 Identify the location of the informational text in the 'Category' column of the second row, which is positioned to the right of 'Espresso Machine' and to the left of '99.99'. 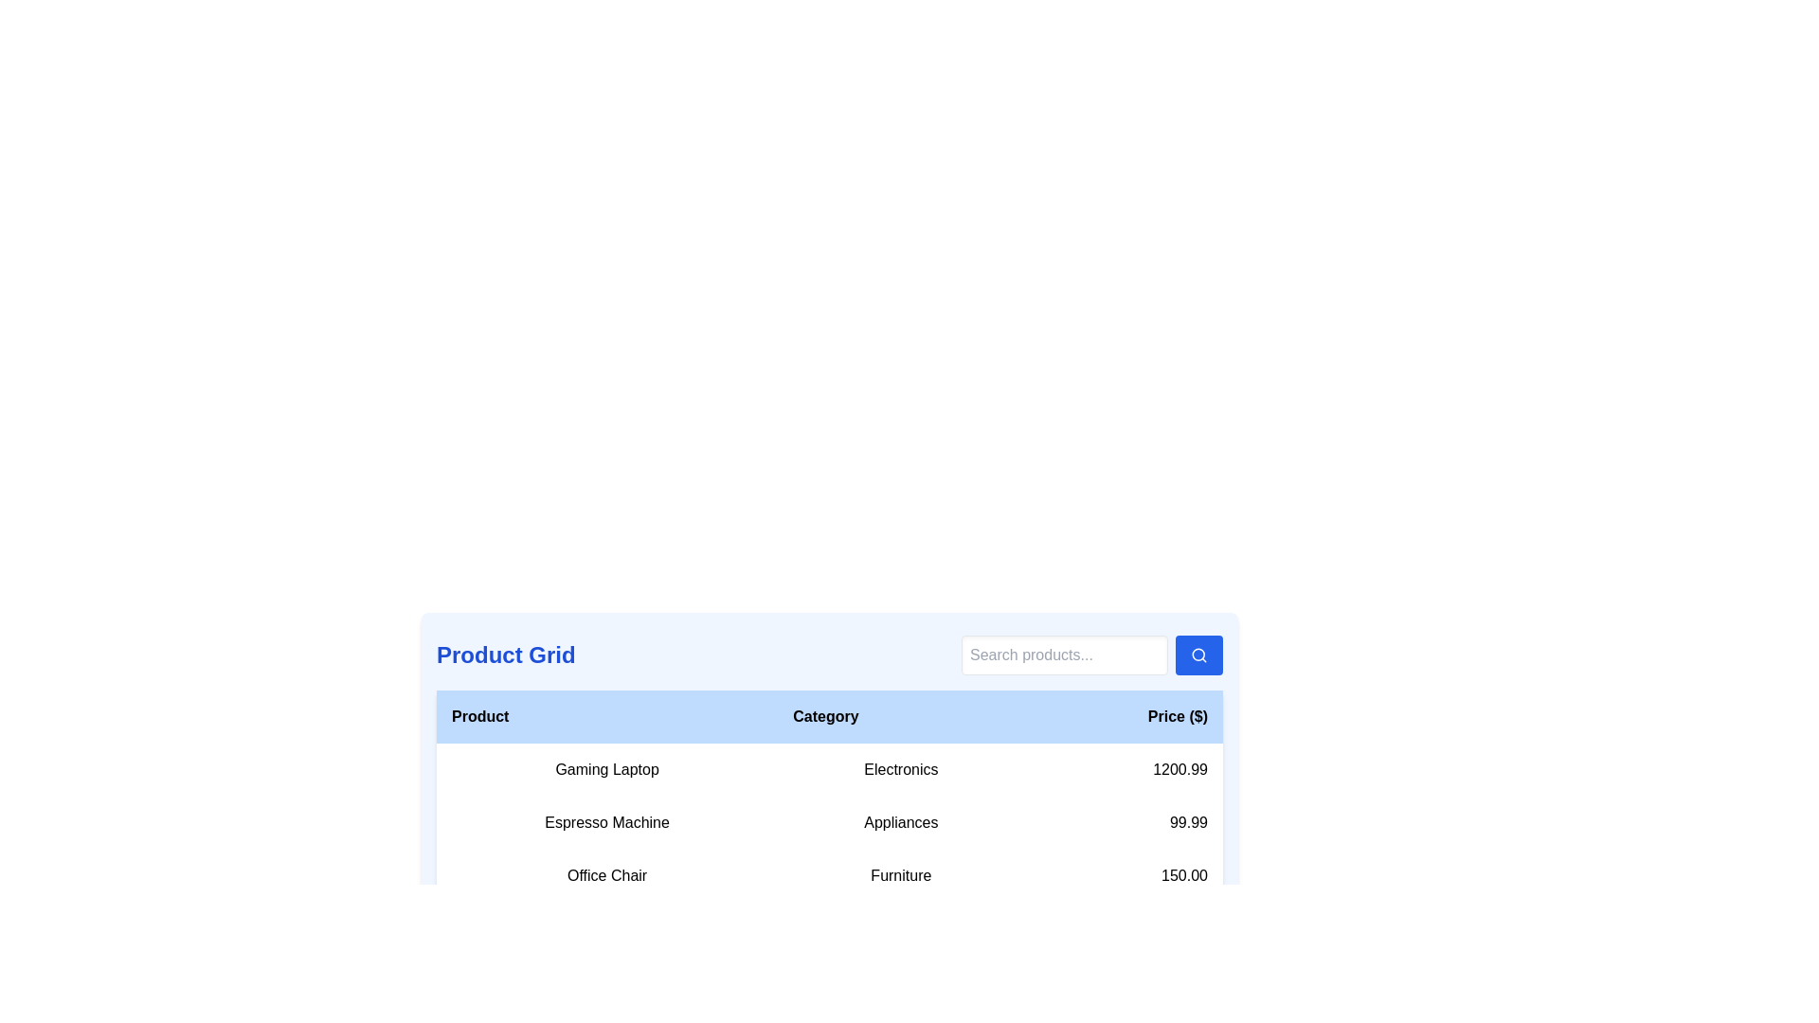
(900, 821).